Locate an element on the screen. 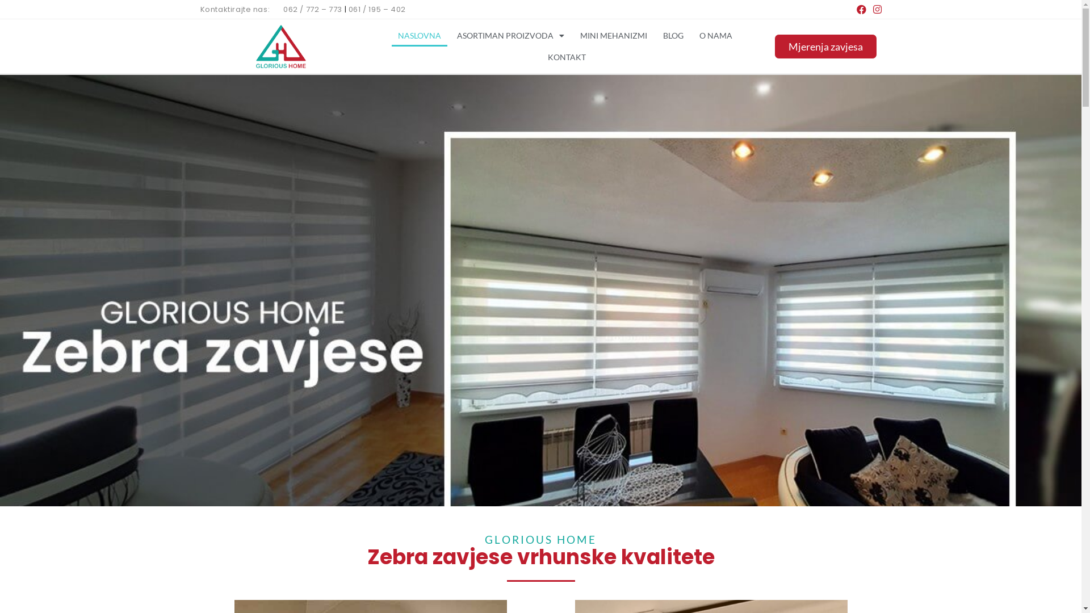 Image resolution: width=1090 pixels, height=613 pixels. 'KONTAKT' is located at coordinates (567, 57).